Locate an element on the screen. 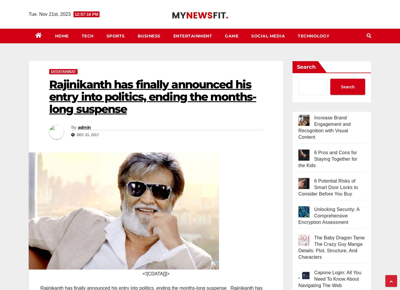 This screenshot has height=290, width=400. '6 Potential Risks of Smart Door Locks to Consider Before You Buy' is located at coordinates (328, 187).